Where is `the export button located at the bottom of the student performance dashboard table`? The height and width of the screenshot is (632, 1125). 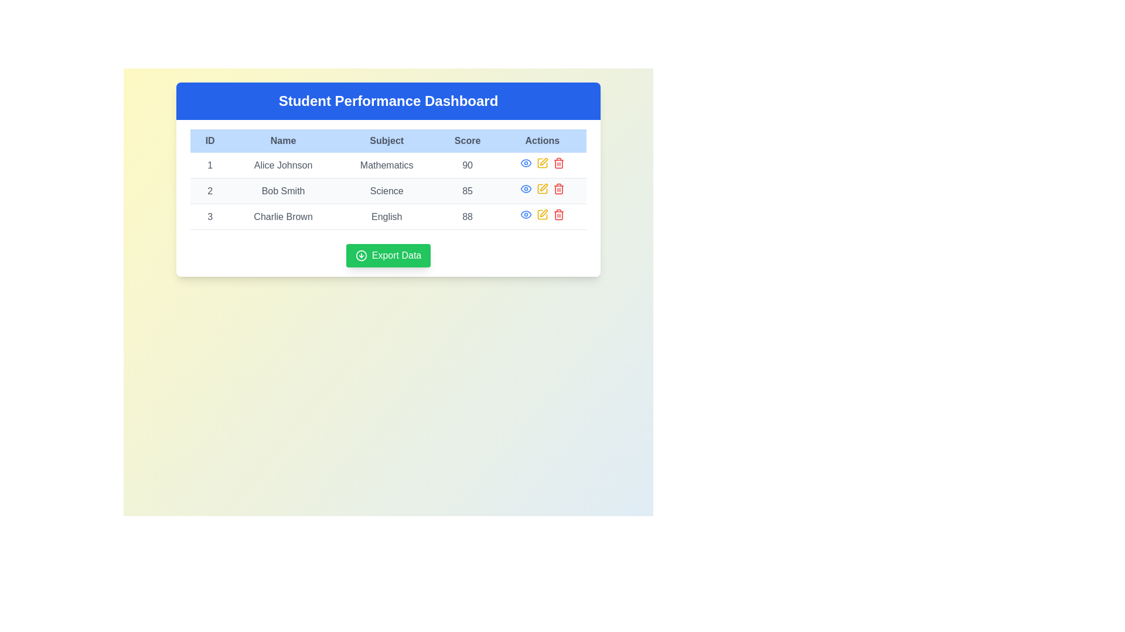 the export button located at the bottom of the student performance dashboard table is located at coordinates (388, 255).